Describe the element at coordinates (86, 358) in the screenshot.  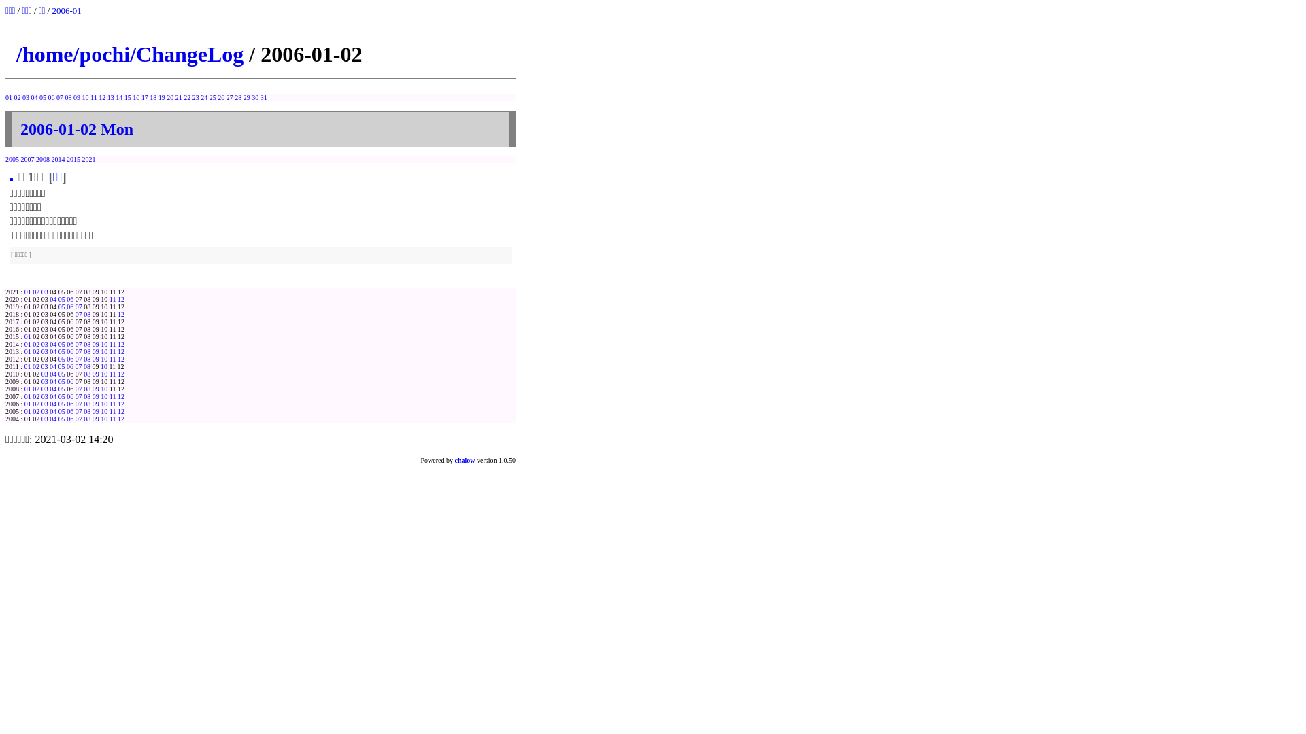
I see `'08'` at that location.